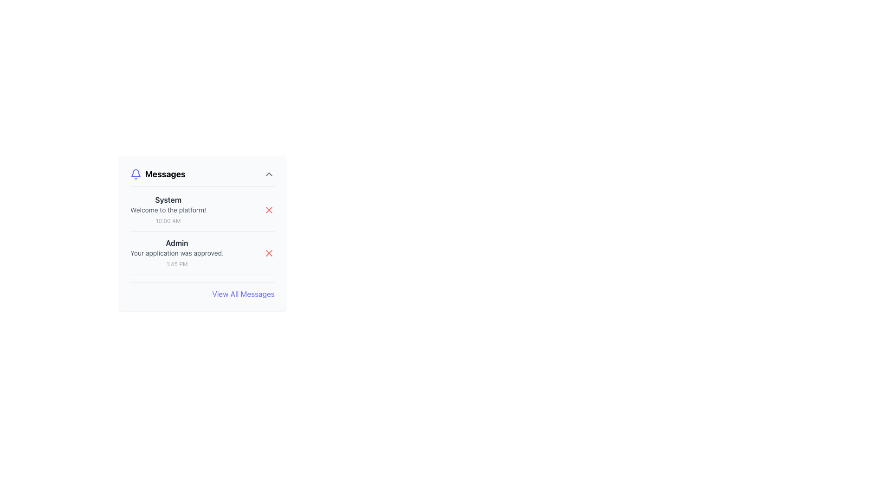 This screenshot has width=891, height=501. What do you see at coordinates (168, 199) in the screenshot?
I see `the 'System' text label, which is styled in bold and dark gray, located at the top left of the message block in the notification panel` at bounding box center [168, 199].